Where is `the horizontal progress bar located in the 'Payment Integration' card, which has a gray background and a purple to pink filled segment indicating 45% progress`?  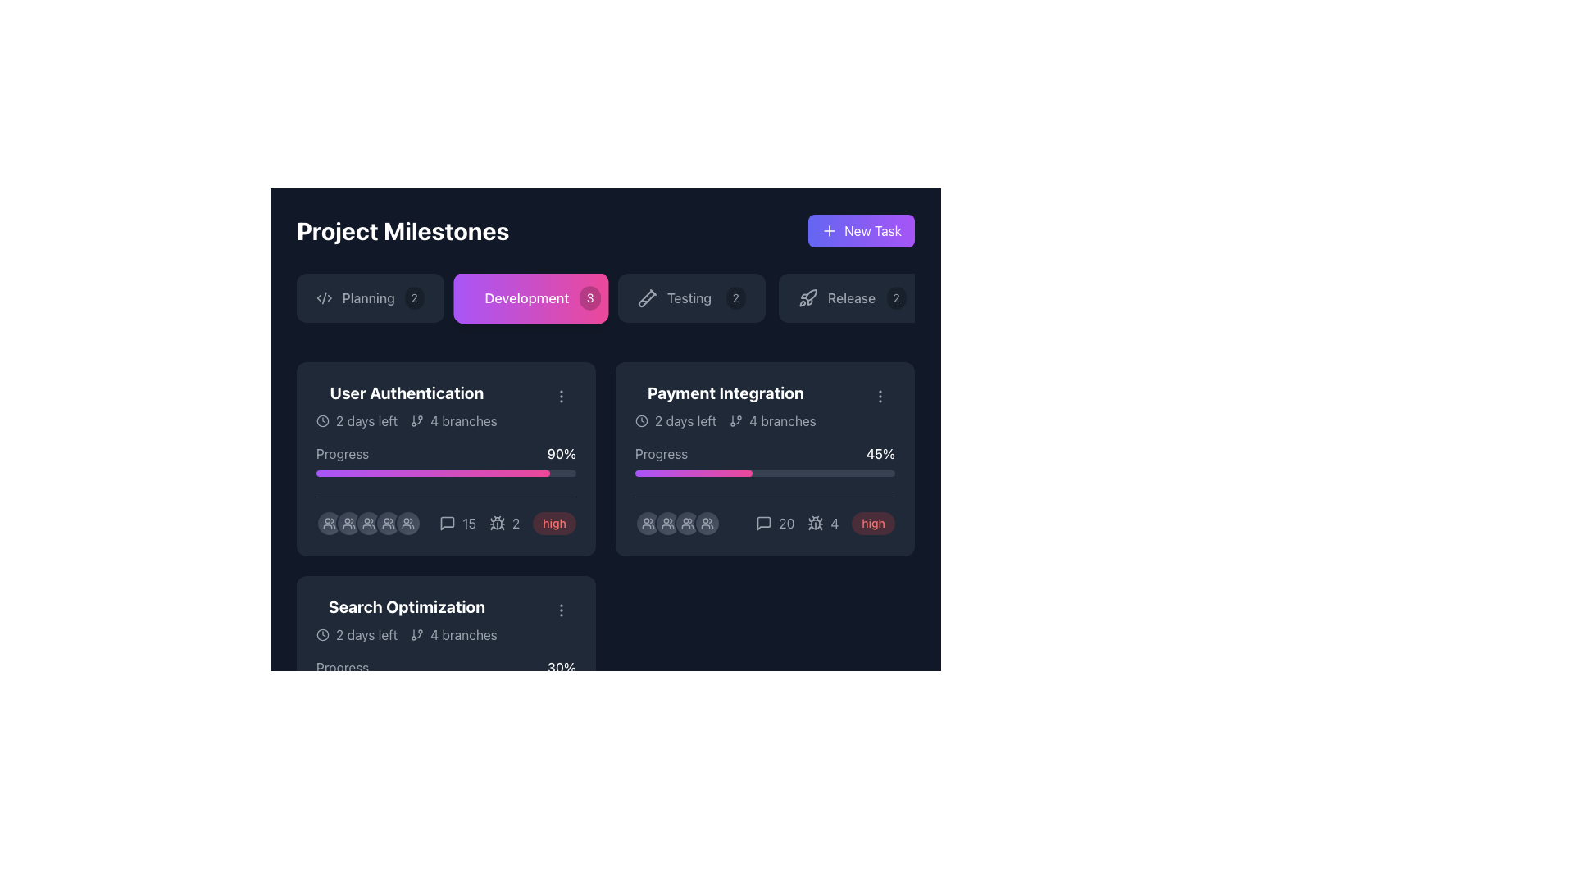 the horizontal progress bar located in the 'Payment Integration' card, which has a gray background and a purple to pink filled segment indicating 45% progress is located at coordinates (764, 474).